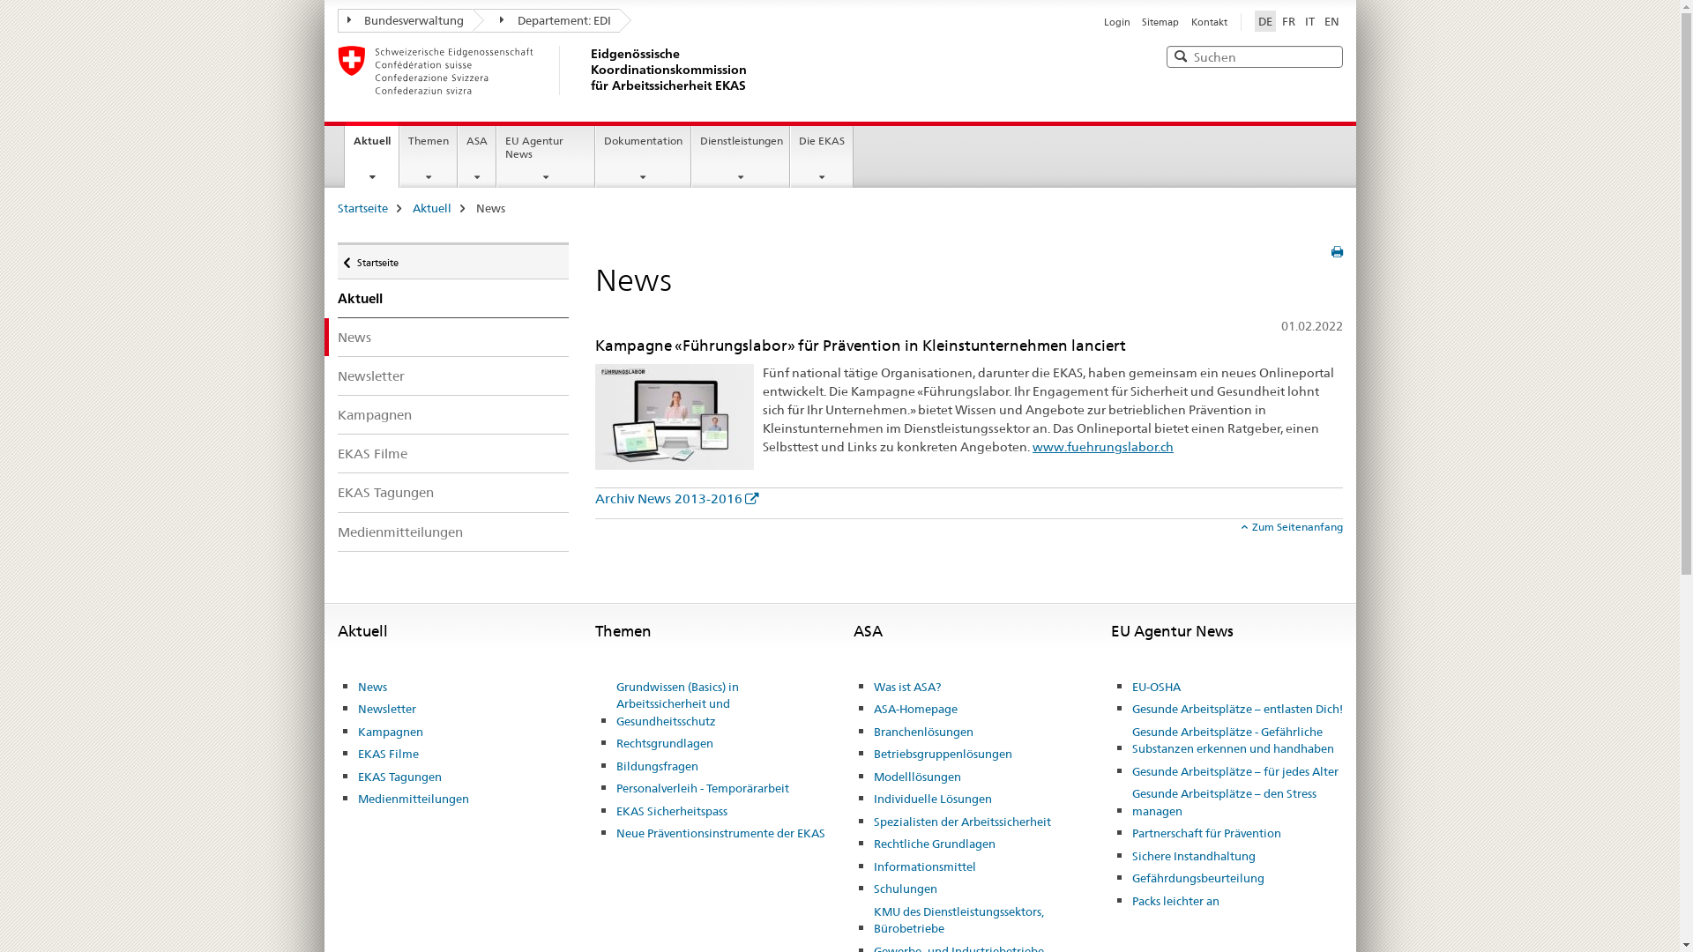  I want to click on 'Spezialisten der Arbeitssicherheit', so click(873, 822).